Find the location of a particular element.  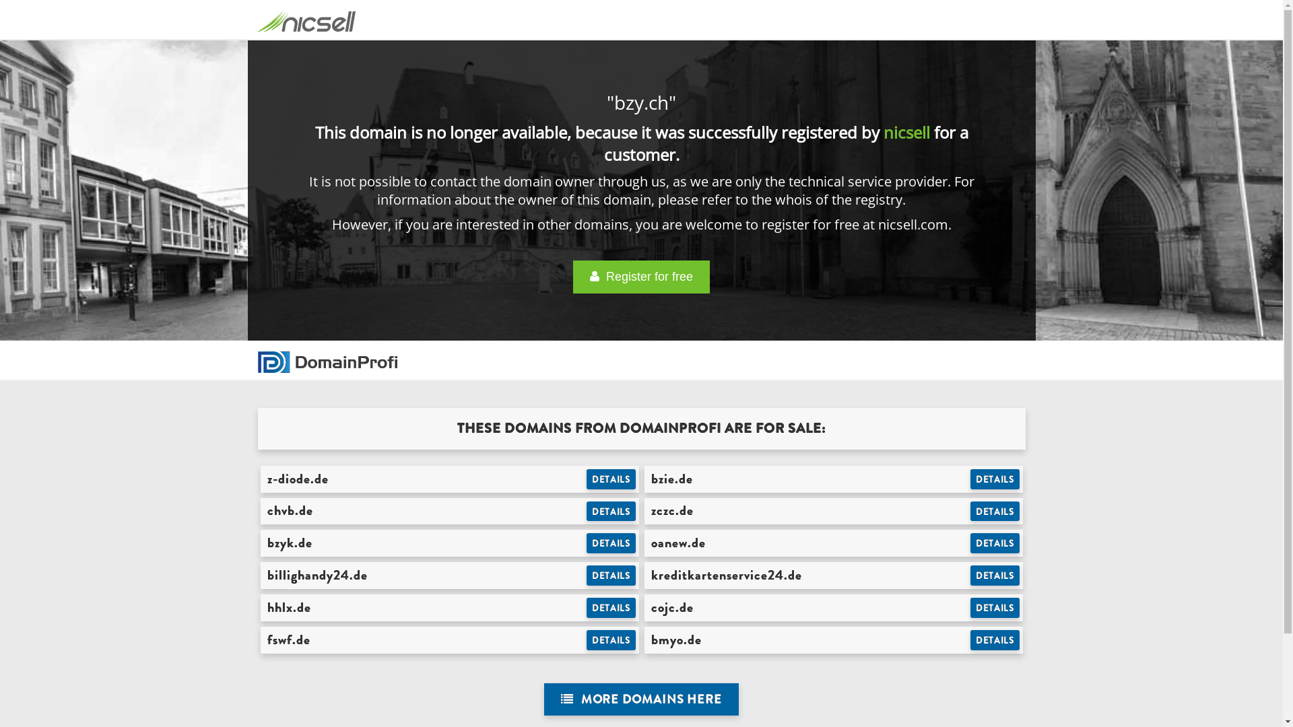

'DETAILS' is located at coordinates (610, 542).